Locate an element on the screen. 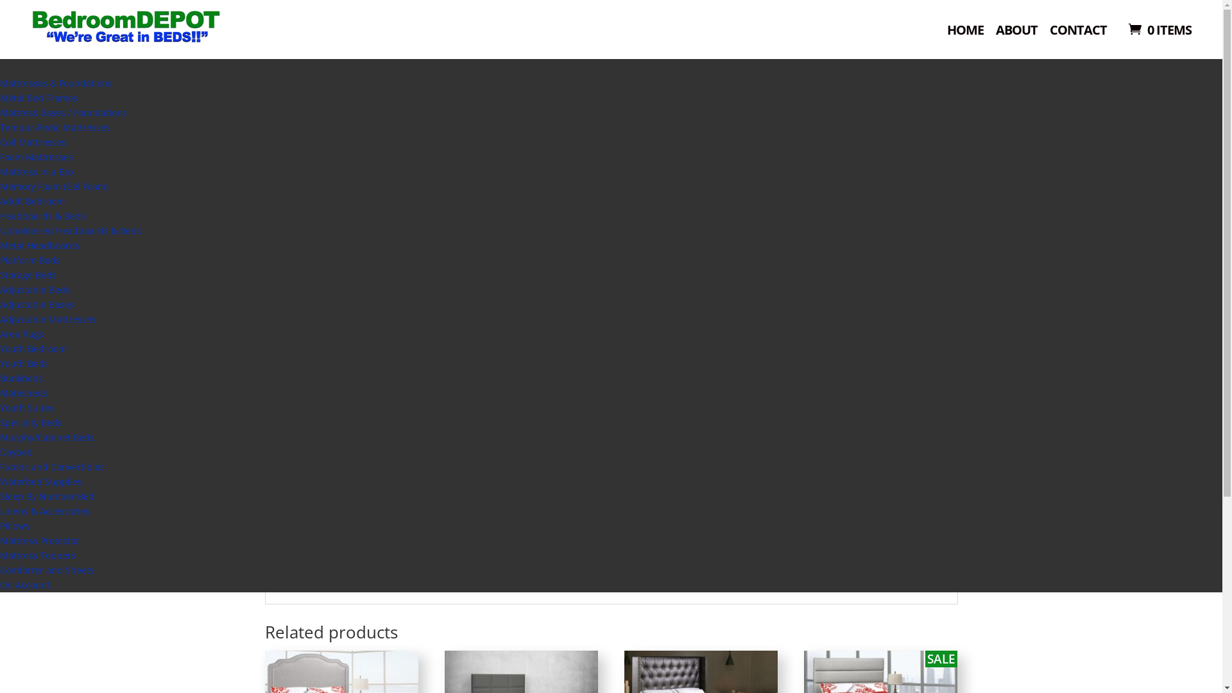  'Foam Mattresses' is located at coordinates (0, 156).